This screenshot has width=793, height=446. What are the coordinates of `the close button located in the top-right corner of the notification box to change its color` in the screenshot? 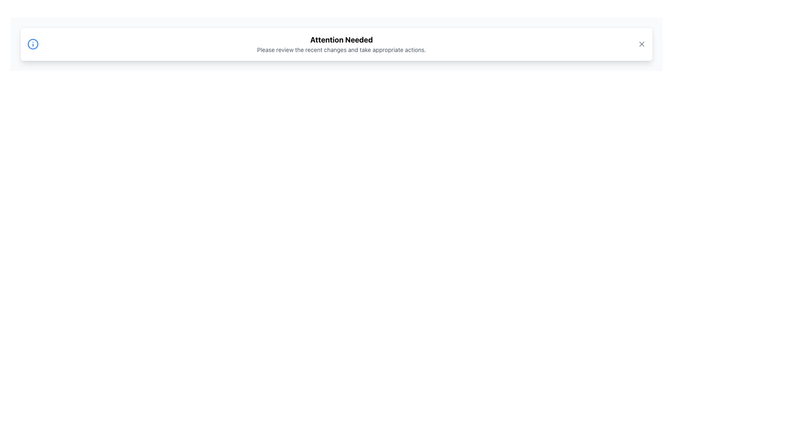 It's located at (641, 44).